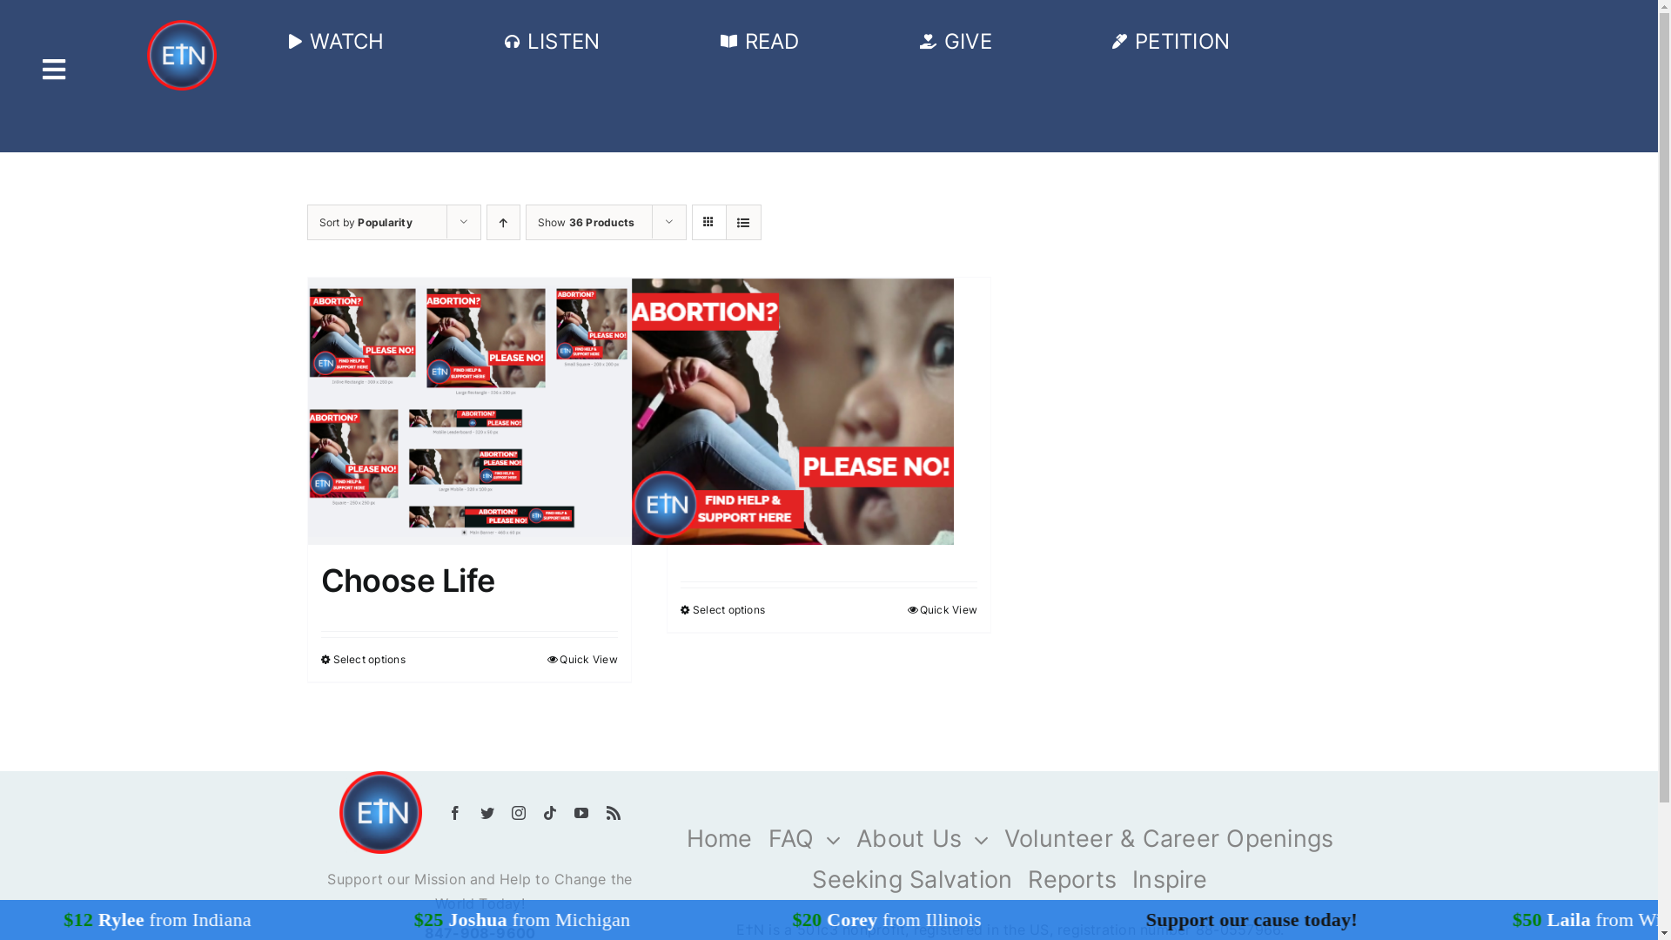  I want to click on 'Tiktok', so click(549, 812).